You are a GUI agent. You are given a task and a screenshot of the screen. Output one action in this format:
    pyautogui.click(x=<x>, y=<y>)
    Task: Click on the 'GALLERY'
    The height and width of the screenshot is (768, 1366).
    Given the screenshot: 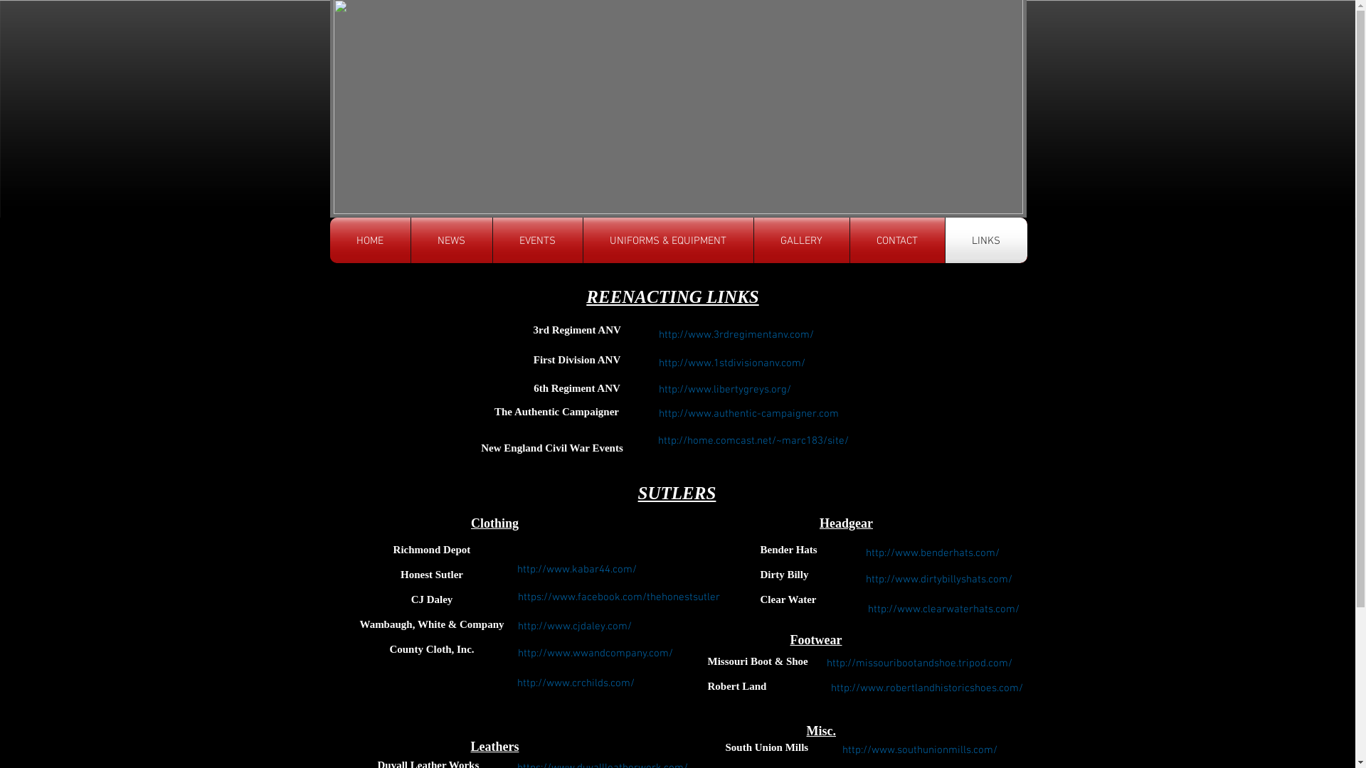 What is the action you would take?
    pyautogui.click(x=802, y=240)
    